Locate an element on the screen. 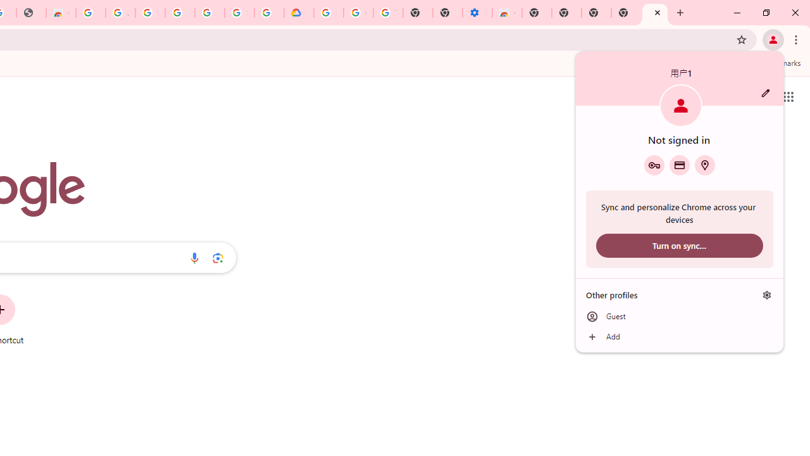 This screenshot has height=456, width=810. 'Settings - Accessibility' is located at coordinates (477, 13).